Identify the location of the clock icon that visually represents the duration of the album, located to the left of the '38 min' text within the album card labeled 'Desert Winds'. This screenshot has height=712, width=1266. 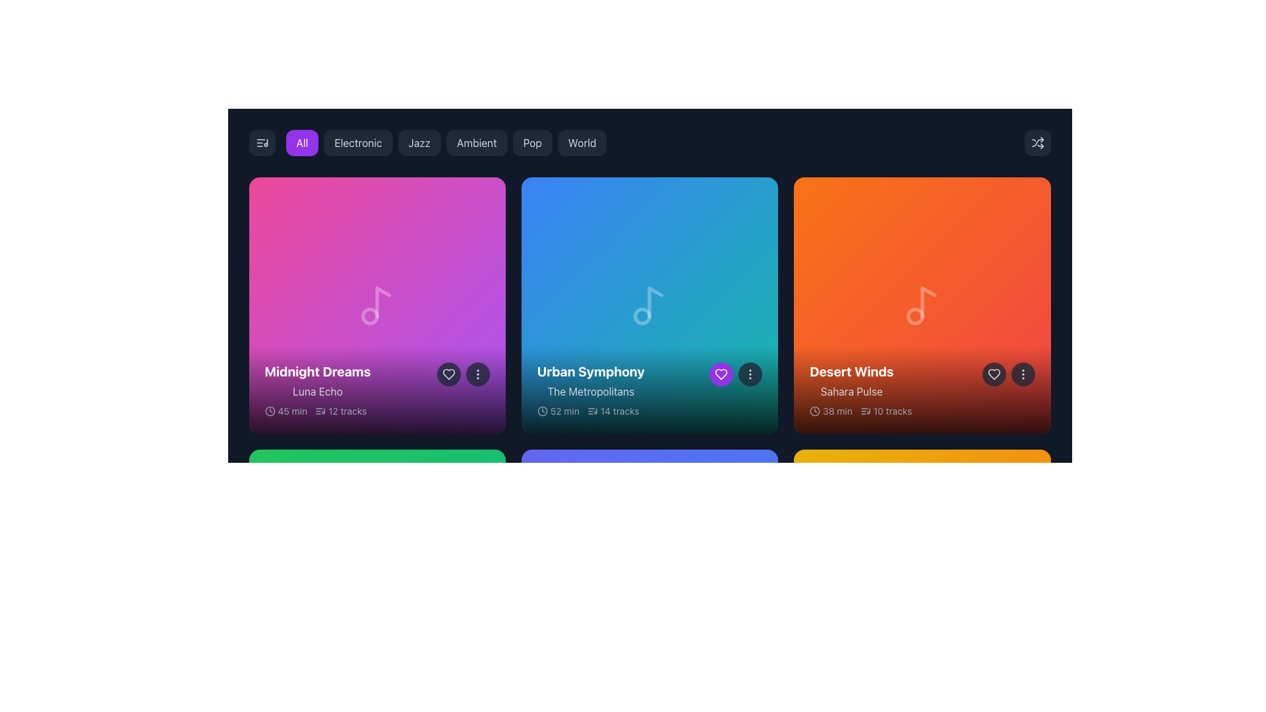
(814, 411).